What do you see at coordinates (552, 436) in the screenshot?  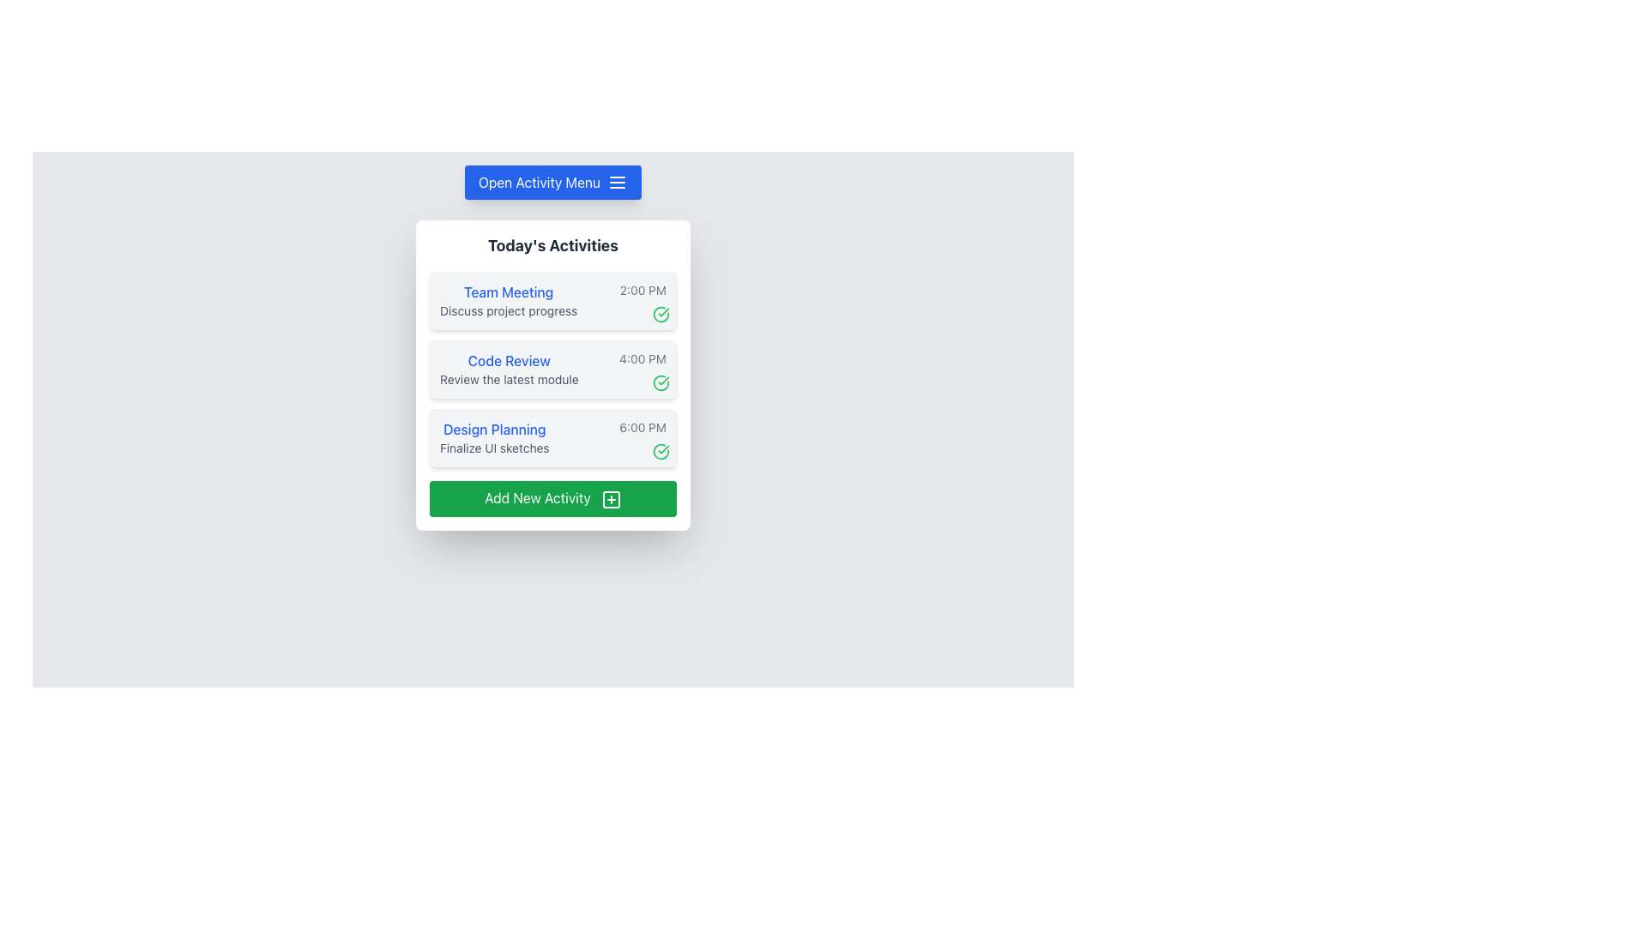 I see `the third information card in the 'Today's Activities' list, which displays a scheduled activity with its title, description, time, and status indicator` at bounding box center [552, 436].